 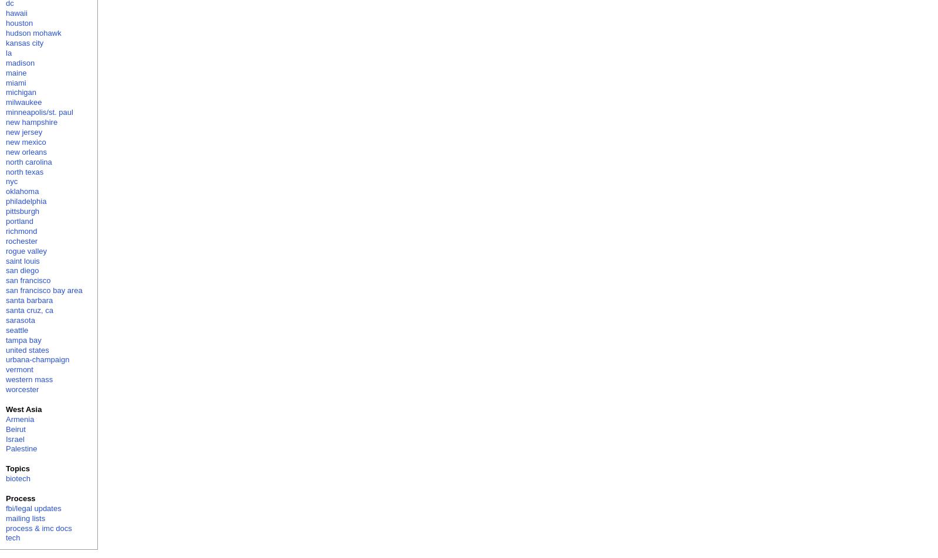 I want to click on 'santa cruz, ca', so click(x=28, y=309).